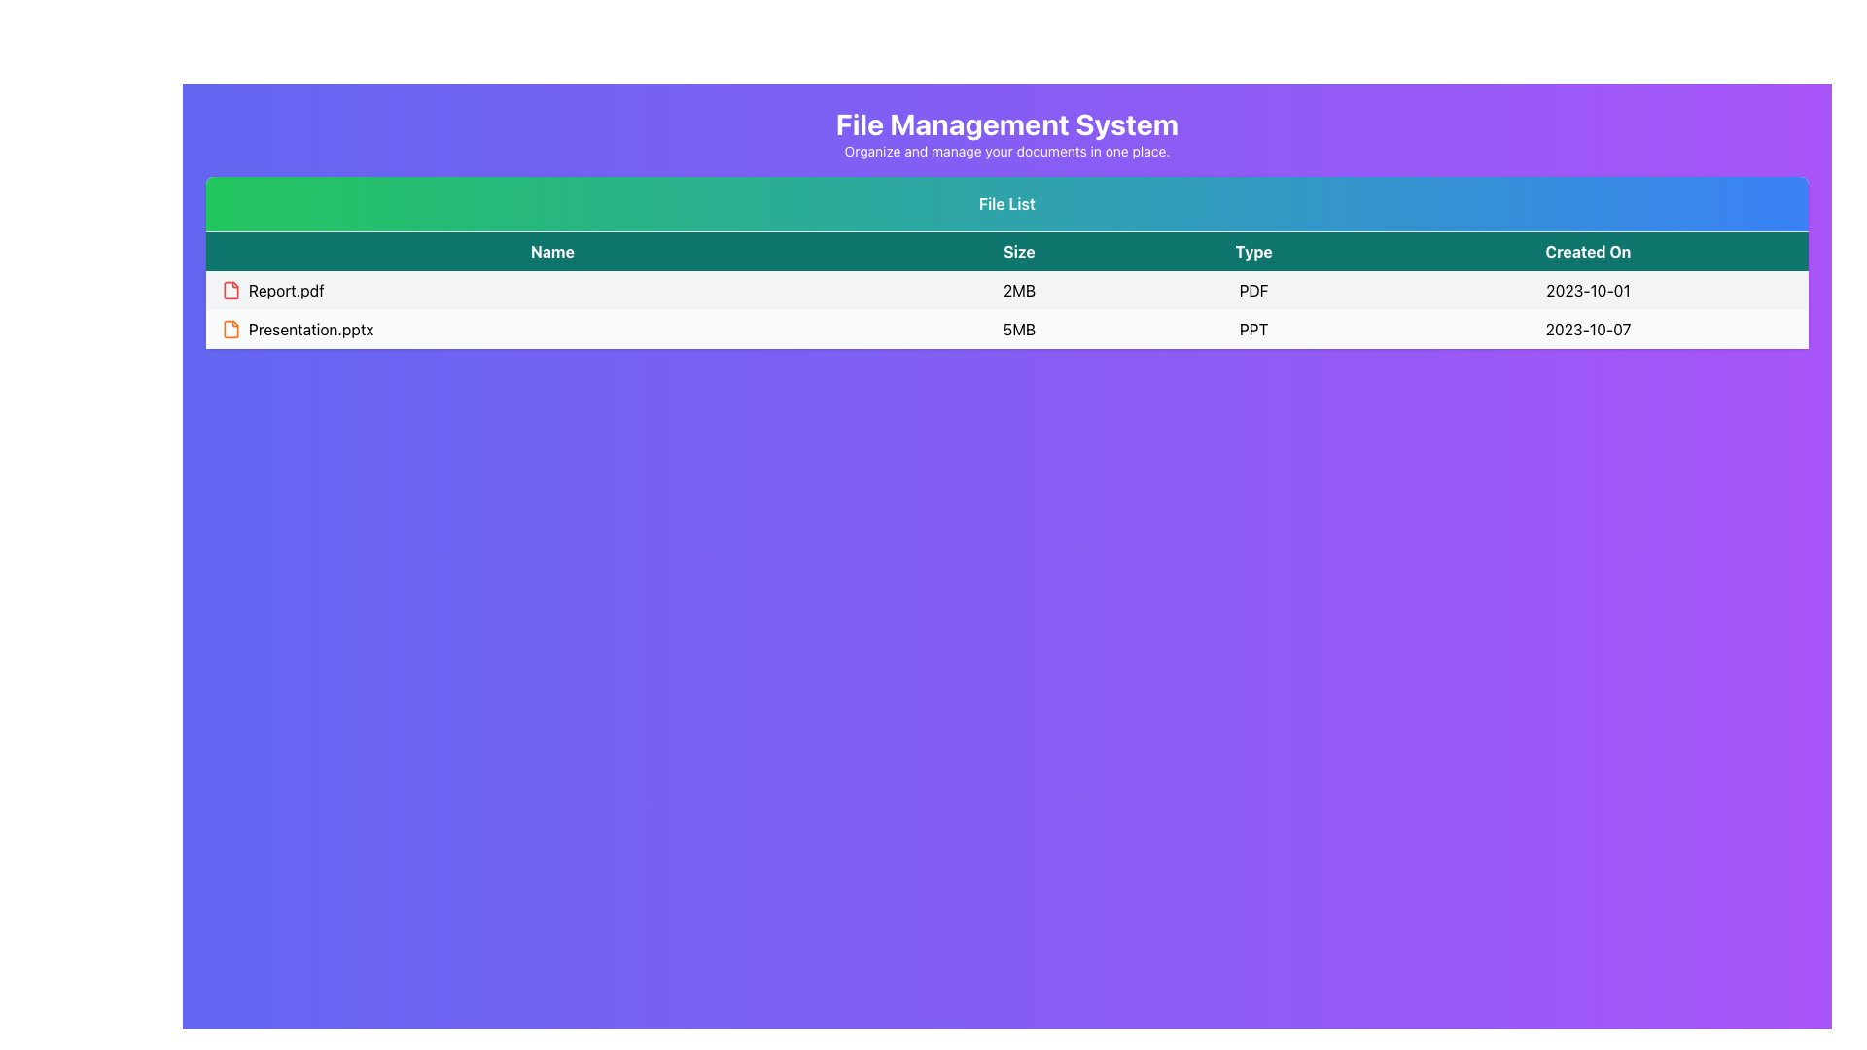  I want to click on the text label displaying the date '2023-10-01' located in the far-right column of the first row of a table-like structure, so click(1588, 291).